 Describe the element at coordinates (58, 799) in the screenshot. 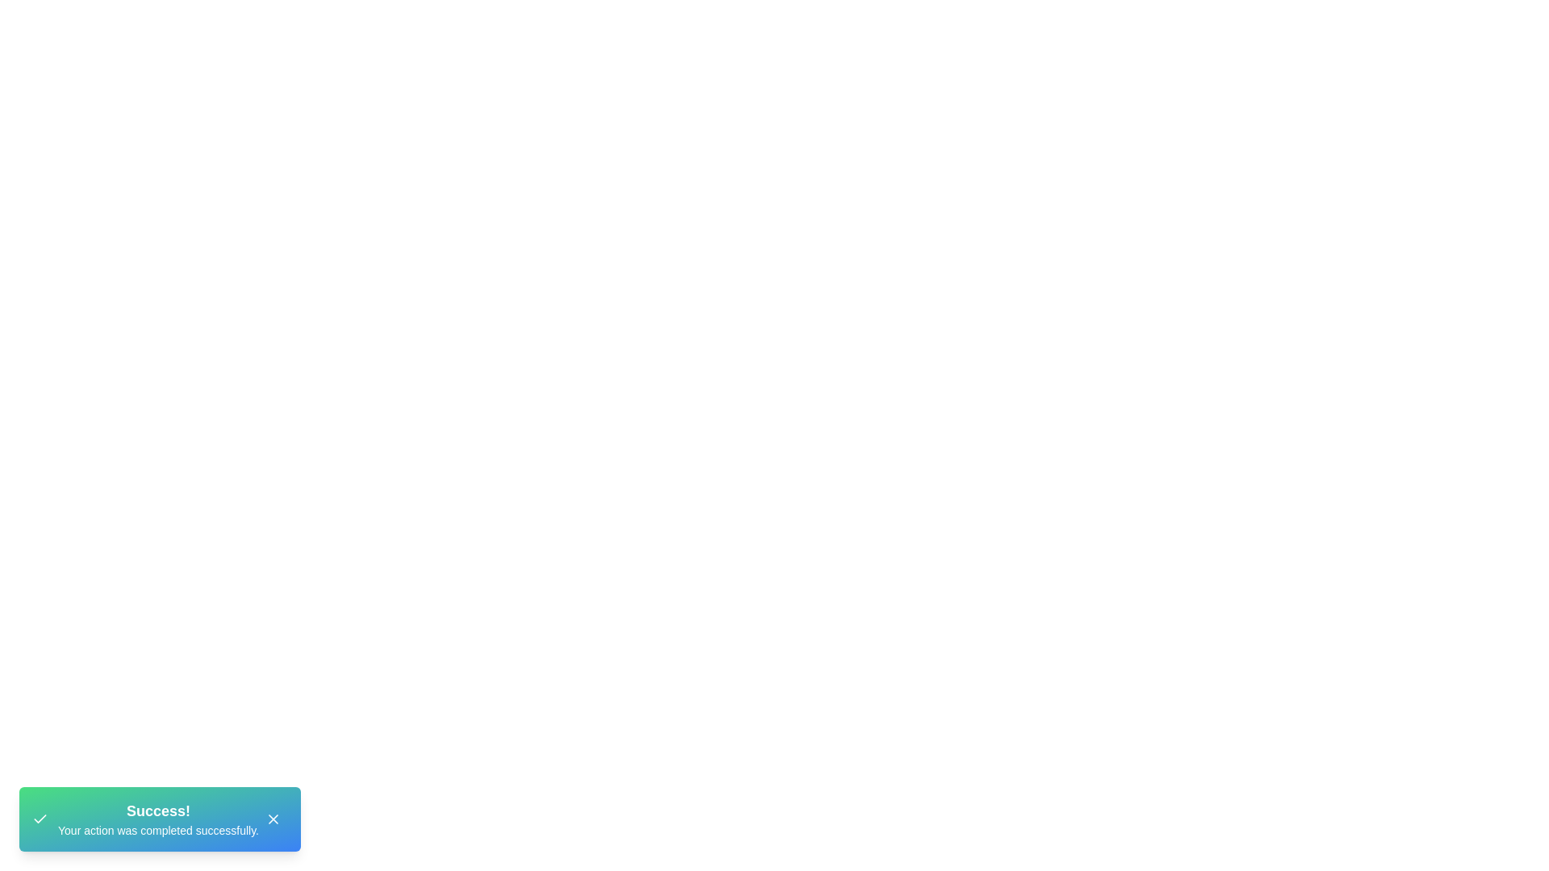

I see `the text 'Success! Your action was completed successfully.' displayed in the StylishSnackbar component` at that location.